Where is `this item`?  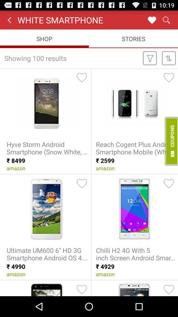 this item is located at coordinates (169, 289).